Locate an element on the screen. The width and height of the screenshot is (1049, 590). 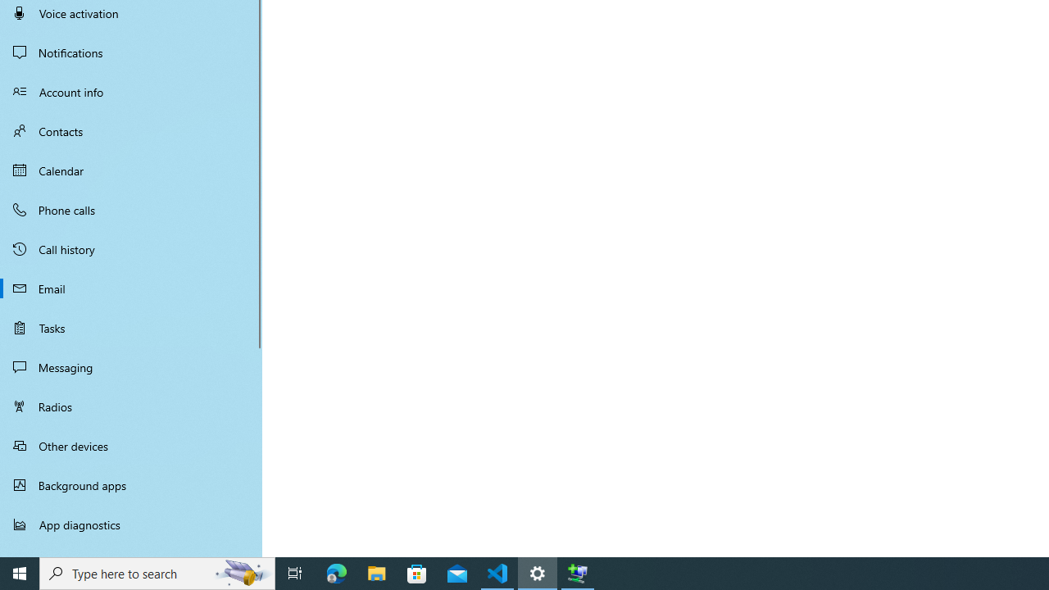
'Start' is located at coordinates (20, 572).